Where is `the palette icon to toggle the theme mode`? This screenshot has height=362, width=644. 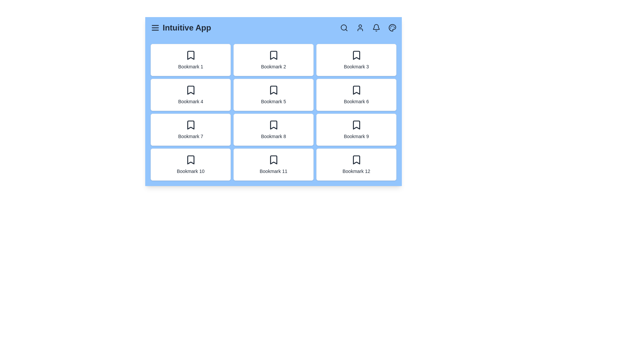 the palette icon to toggle the theme mode is located at coordinates (392, 27).